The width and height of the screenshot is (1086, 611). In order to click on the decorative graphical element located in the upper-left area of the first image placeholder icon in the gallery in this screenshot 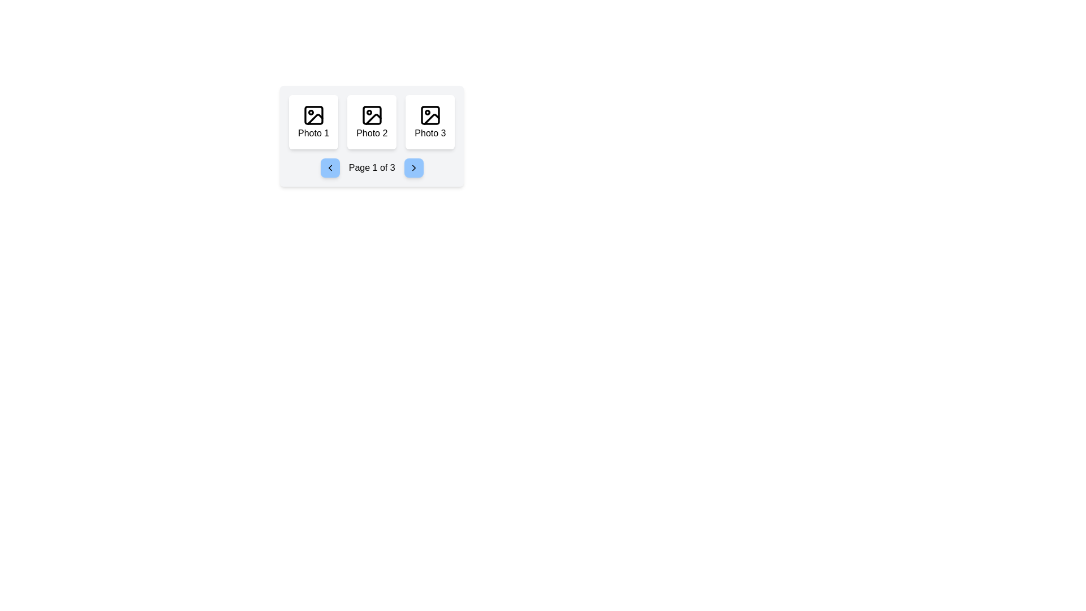, I will do `click(313, 115)`.